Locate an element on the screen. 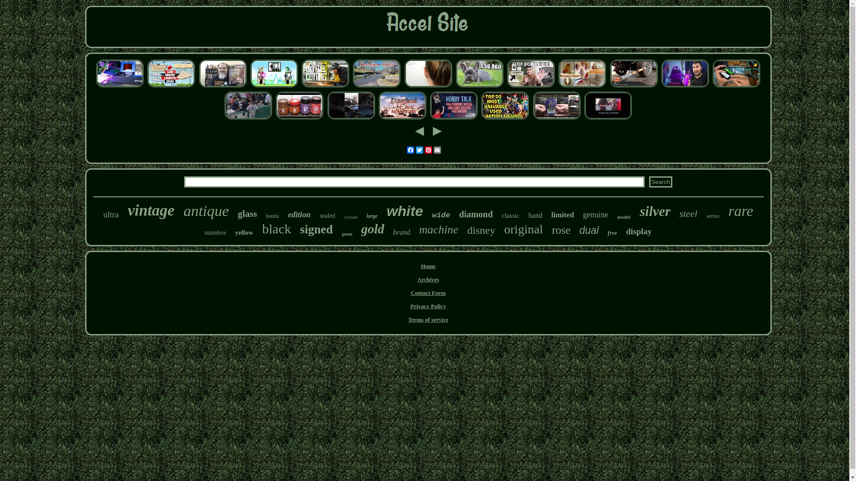 The width and height of the screenshot is (856, 481). 'vintage' is located at coordinates (151, 211).